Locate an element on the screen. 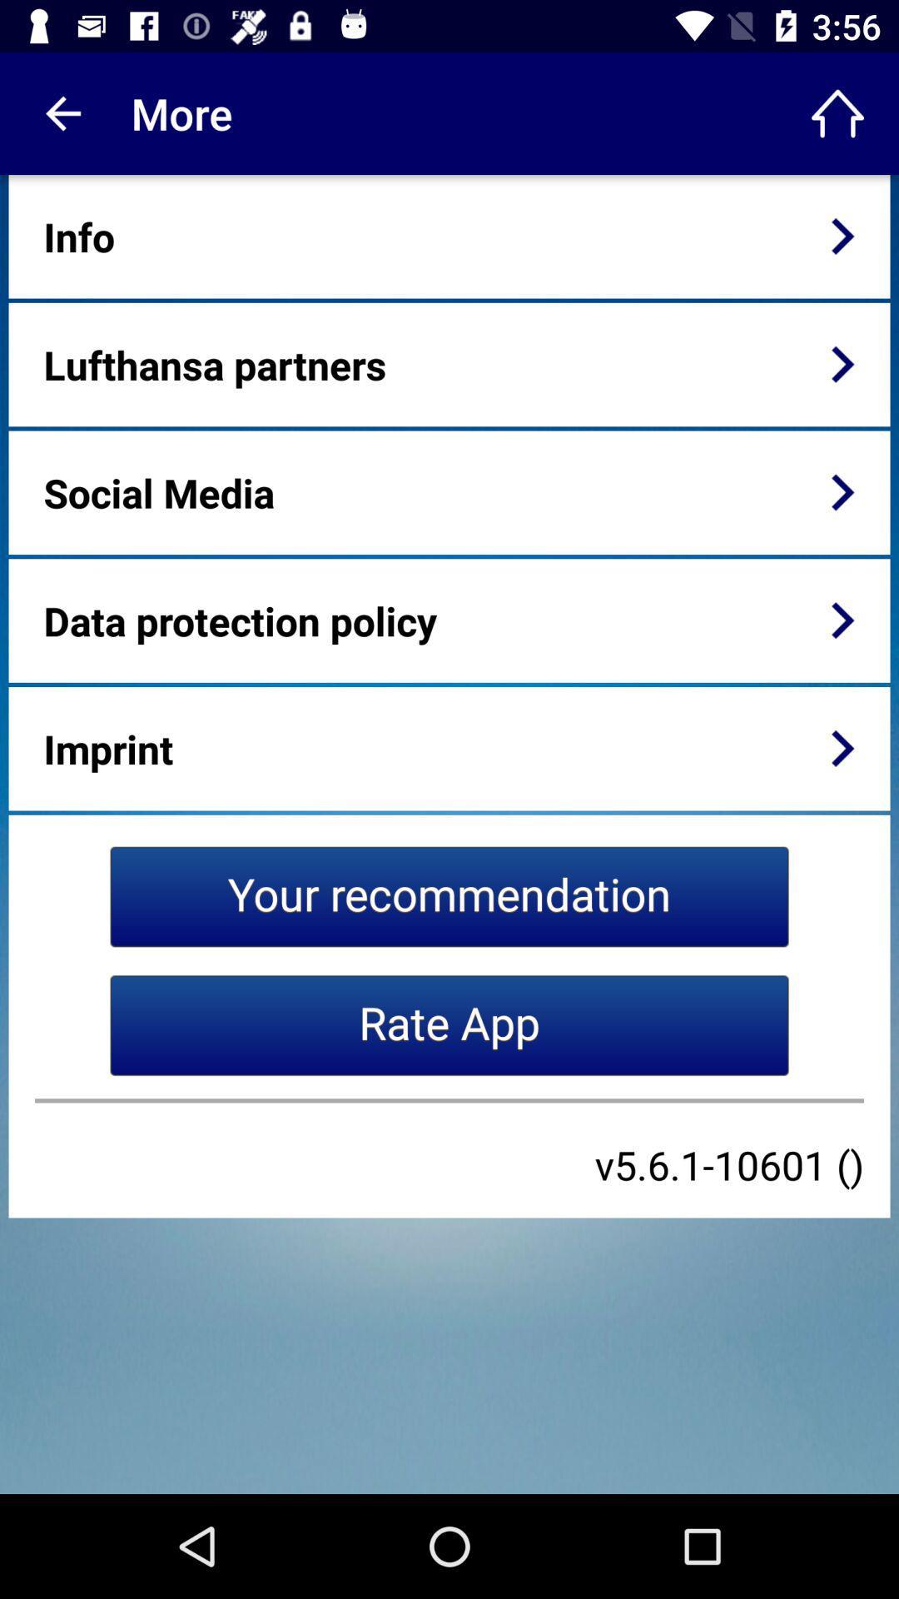 The width and height of the screenshot is (899, 1599). the imprint icon is located at coordinates (108, 748).